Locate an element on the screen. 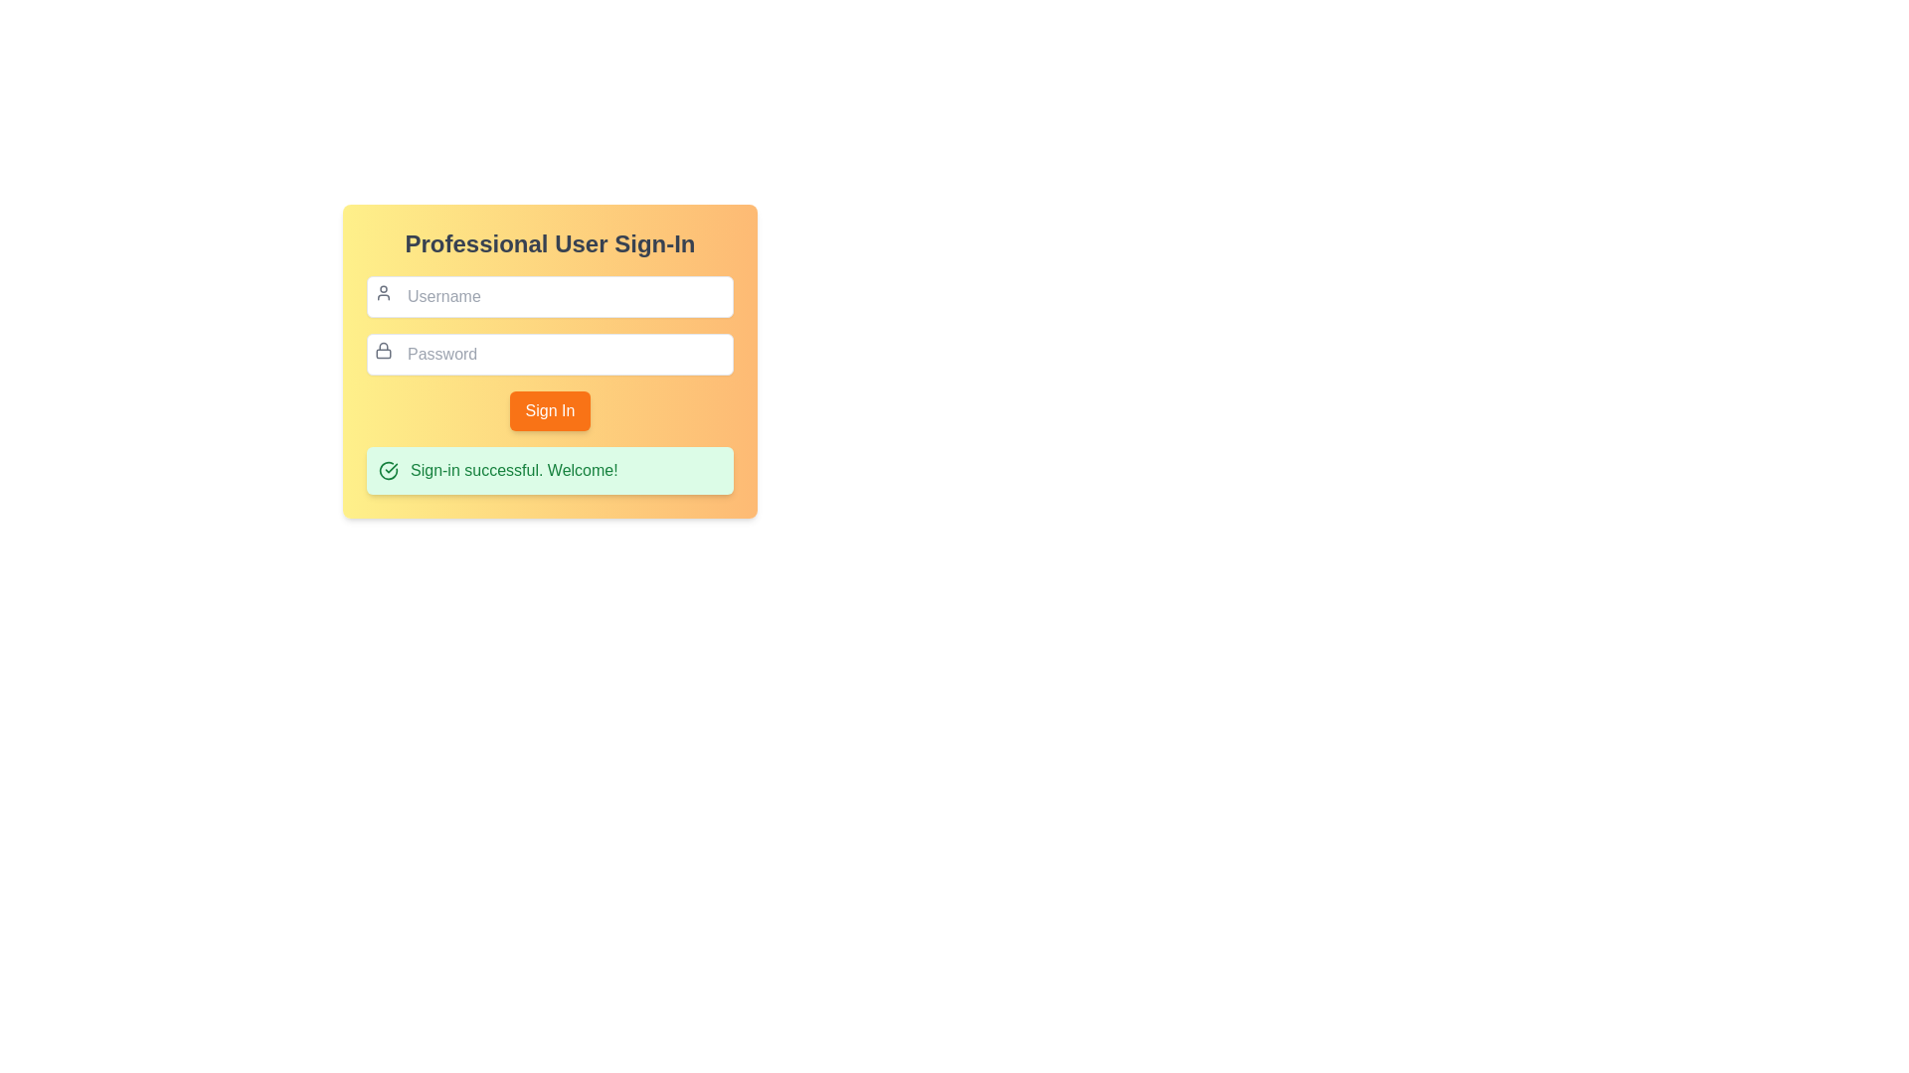  the circular vector icon with a checkmark inside, styled with a green stroke, positioned at the left side of the notification banner below the 'Sign In' button is located at coordinates (388, 471).